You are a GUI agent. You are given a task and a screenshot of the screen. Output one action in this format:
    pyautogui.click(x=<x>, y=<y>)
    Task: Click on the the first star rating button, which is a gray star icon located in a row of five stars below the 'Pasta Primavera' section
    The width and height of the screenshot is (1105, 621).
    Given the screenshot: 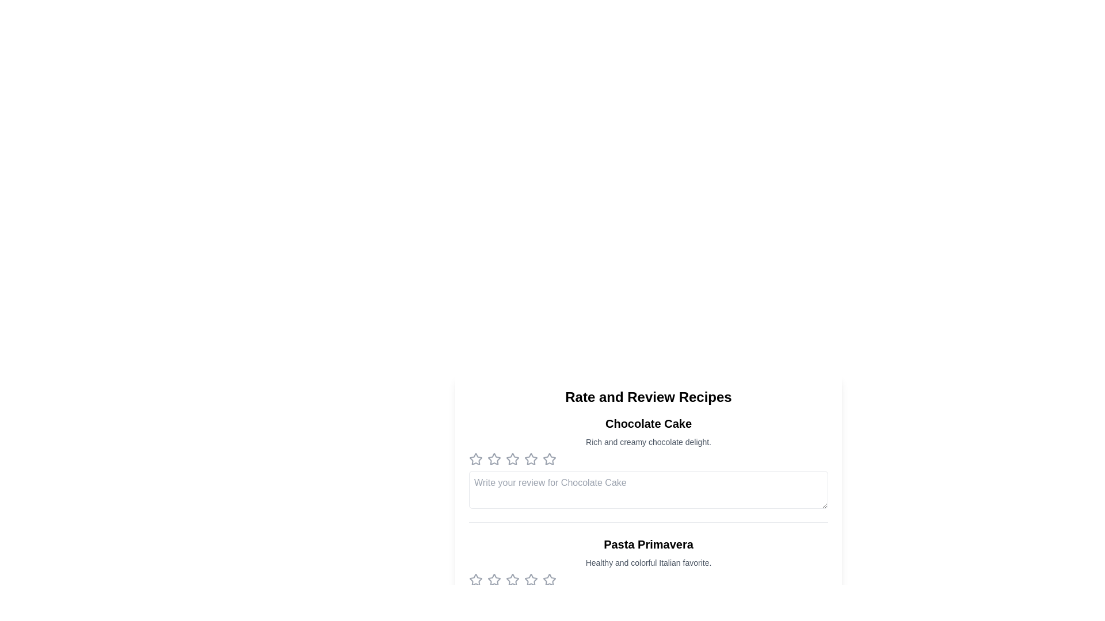 What is the action you would take?
    pyautogui.click(x=475, y=580)
    